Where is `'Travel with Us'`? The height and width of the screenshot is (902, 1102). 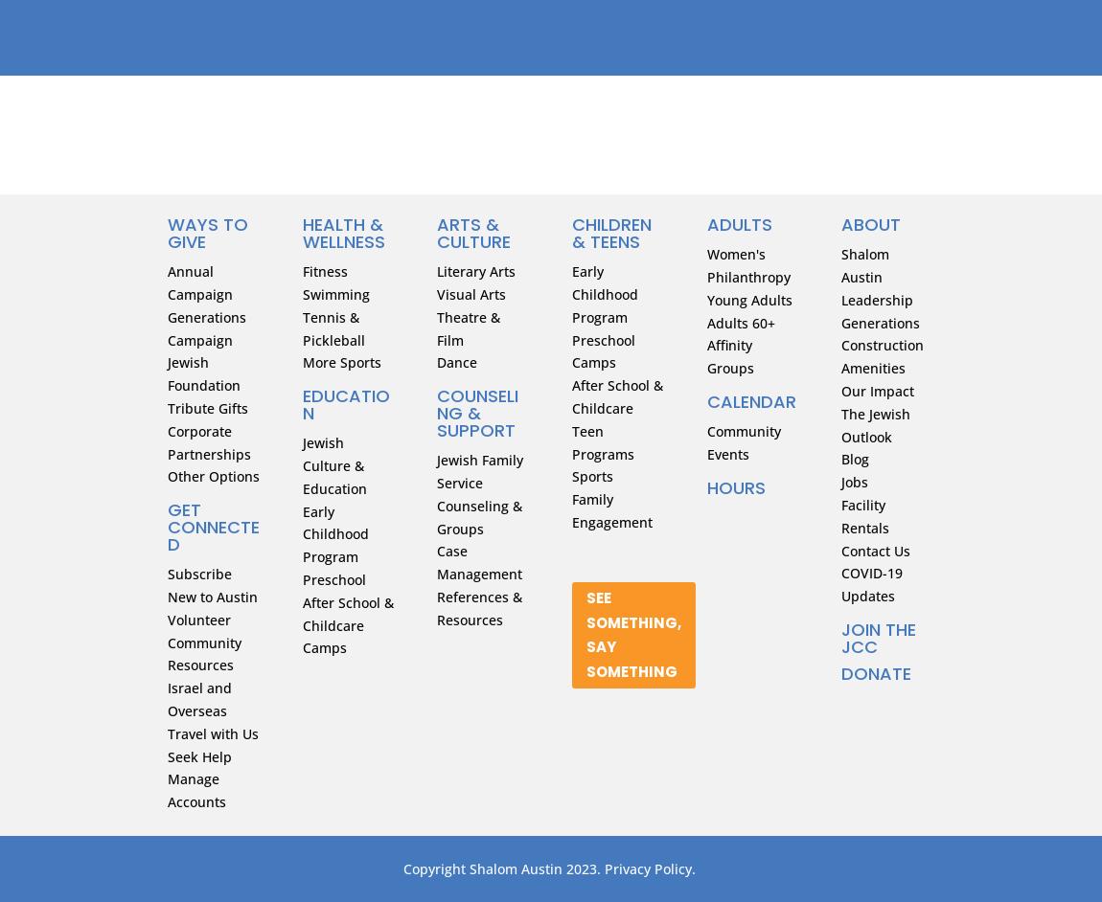 'Travel with Us' is located at coordinates (212, 733).